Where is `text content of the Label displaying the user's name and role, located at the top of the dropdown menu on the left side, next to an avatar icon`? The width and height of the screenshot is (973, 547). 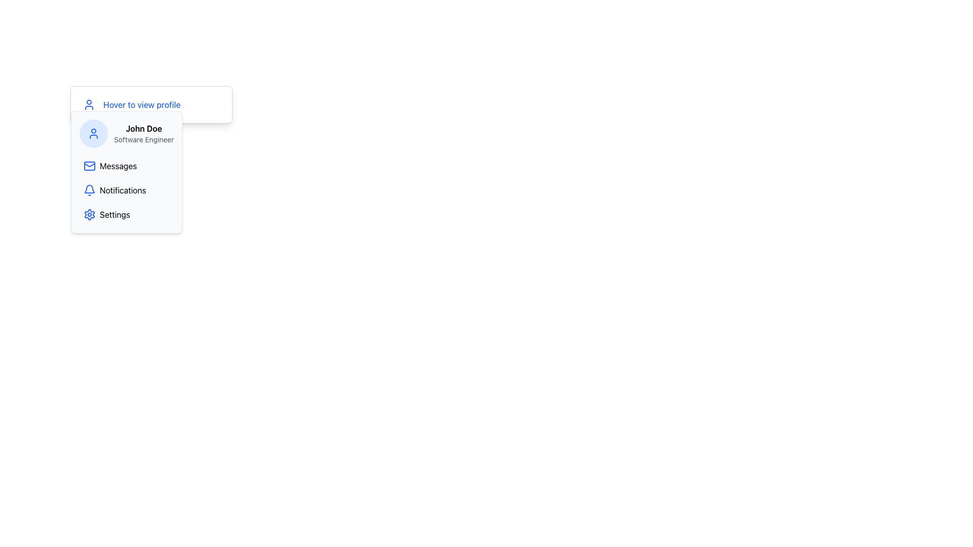 text content of the Label displaying the user's name and role, located at the top of the dropdown menu on the left side, next to an avatar icon is located at coordinates (143, 133).